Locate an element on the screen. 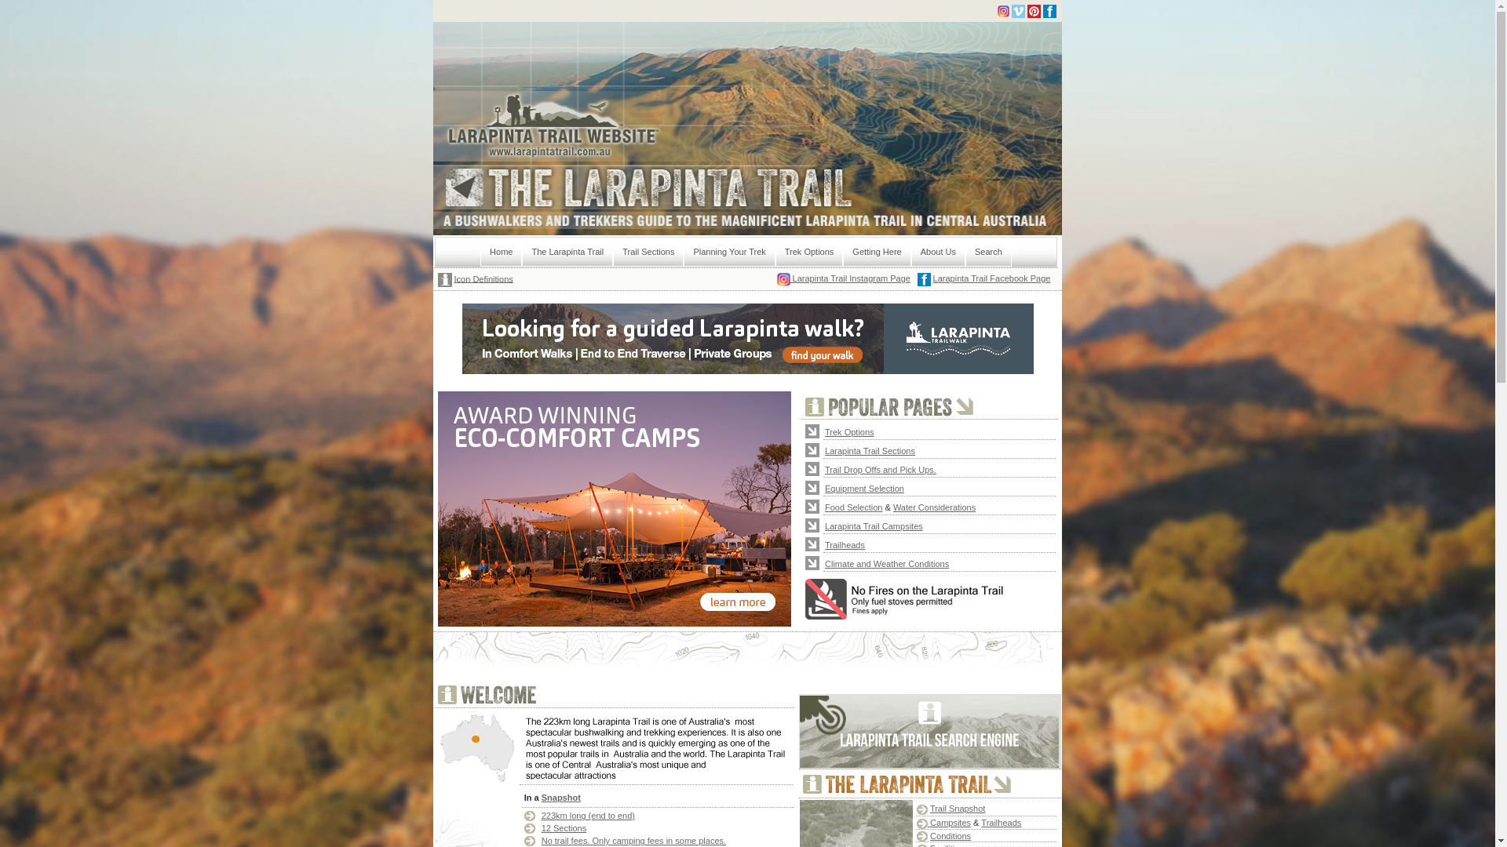 The width and height of the screenshot is (1507, 847). 'Larapinta Trail Facebook Page' is located at coordinates (991, 277).